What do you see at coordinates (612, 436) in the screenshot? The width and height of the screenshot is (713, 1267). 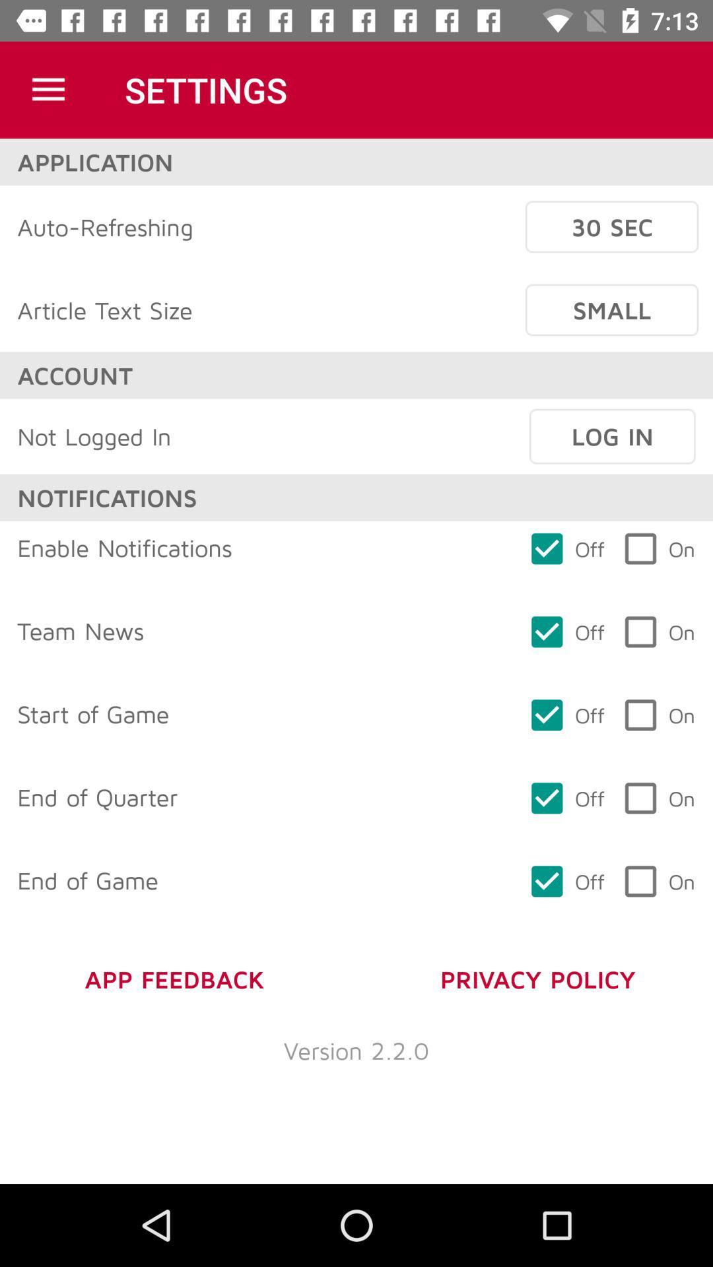 I see `the log in` at bounding box center [612, 436].